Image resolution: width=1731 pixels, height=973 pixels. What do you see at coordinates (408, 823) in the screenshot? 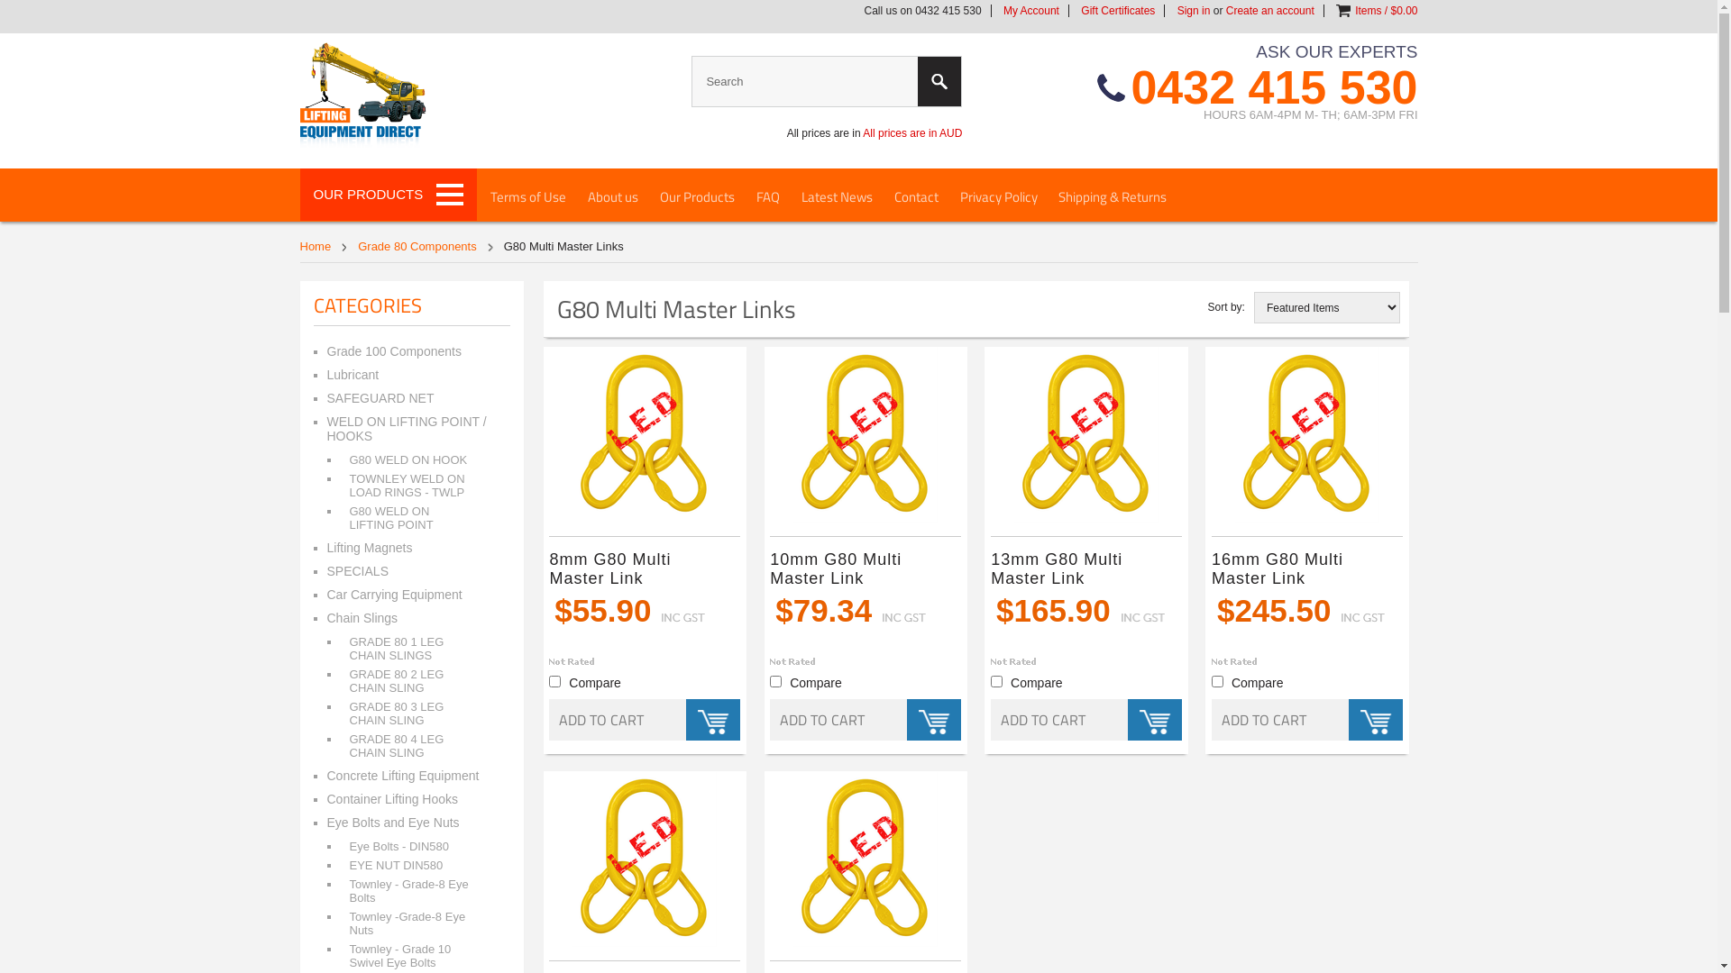
I see `'Eye Bolts and Eye Nuts'` at bounding box center [408, 823].